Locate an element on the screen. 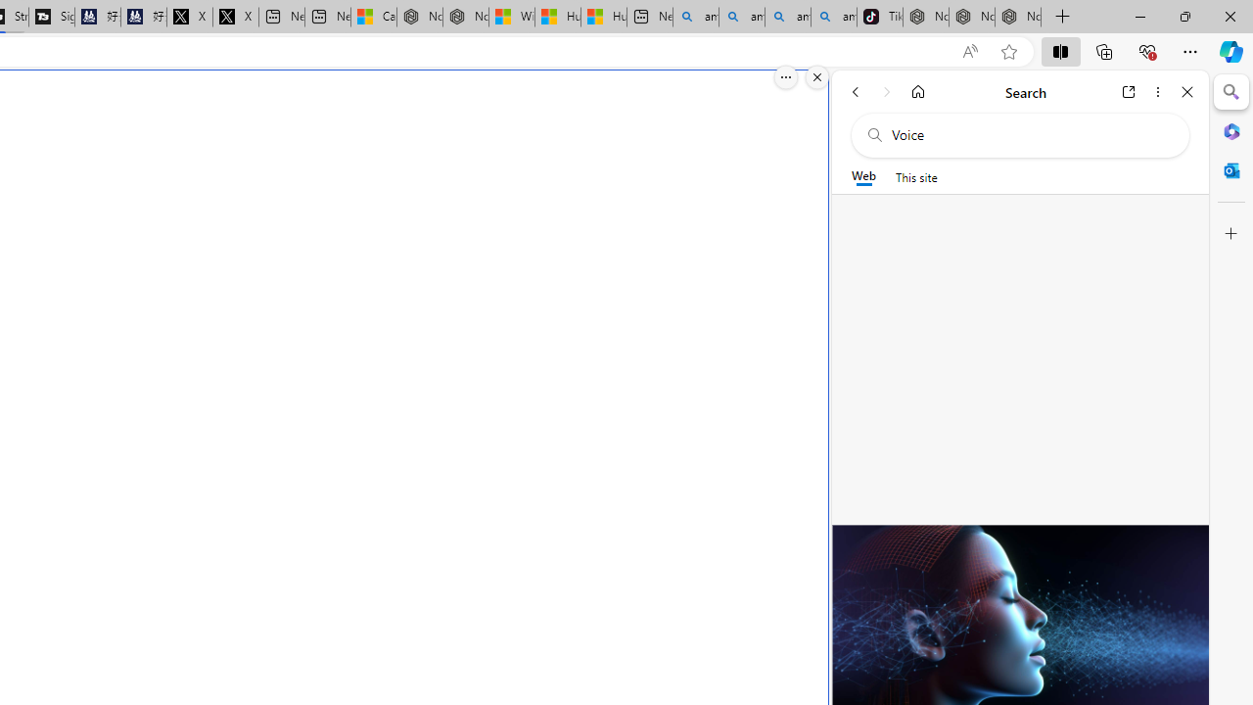 The width and height of the screenshot is (1253, 705). 'Nordace - Best Sellers' is located at coordinates (924, 17).